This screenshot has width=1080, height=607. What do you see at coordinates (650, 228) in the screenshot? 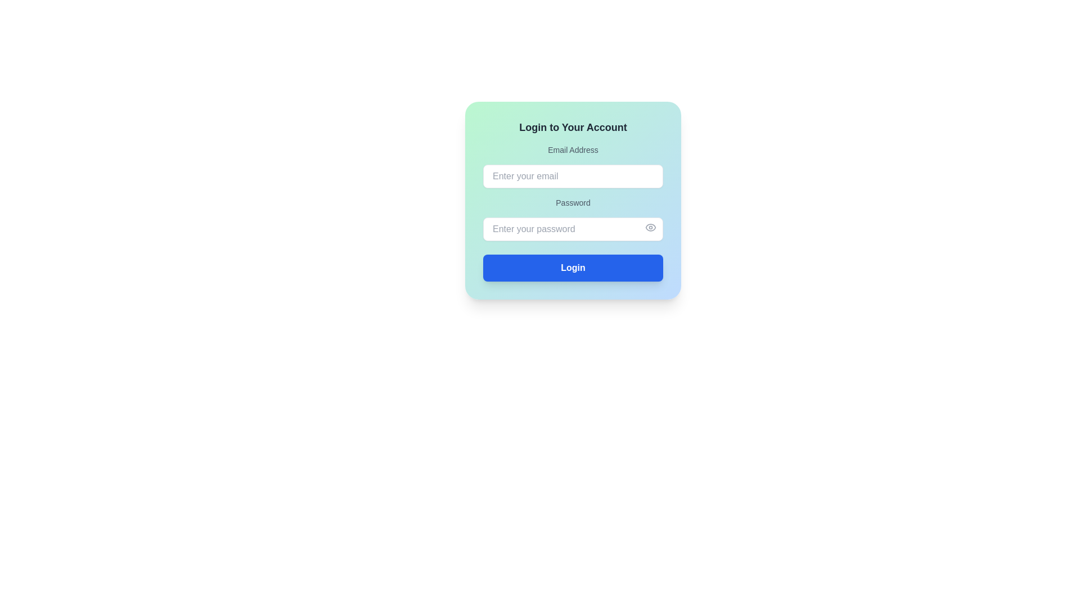
I see `the visibility toggle icon located on the right side of the password input field to switch between masked and unmasked states` at bounding box center [650, 228].